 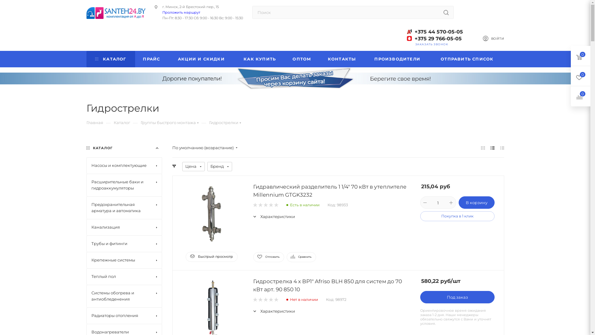 What do you see at coordinates (271, 205) in the screenshot?
I see `'4'` at bounding box center [271, 205].